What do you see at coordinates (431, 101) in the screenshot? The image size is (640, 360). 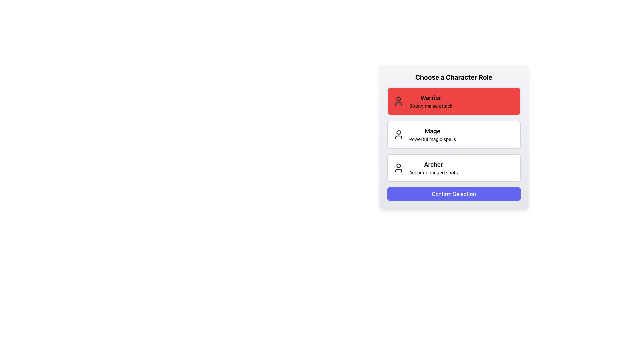 I see `the option item with bold text 'Warrior' and description 'Strong melee attack' in a red rectangular background` at bounding box center [431, 101].